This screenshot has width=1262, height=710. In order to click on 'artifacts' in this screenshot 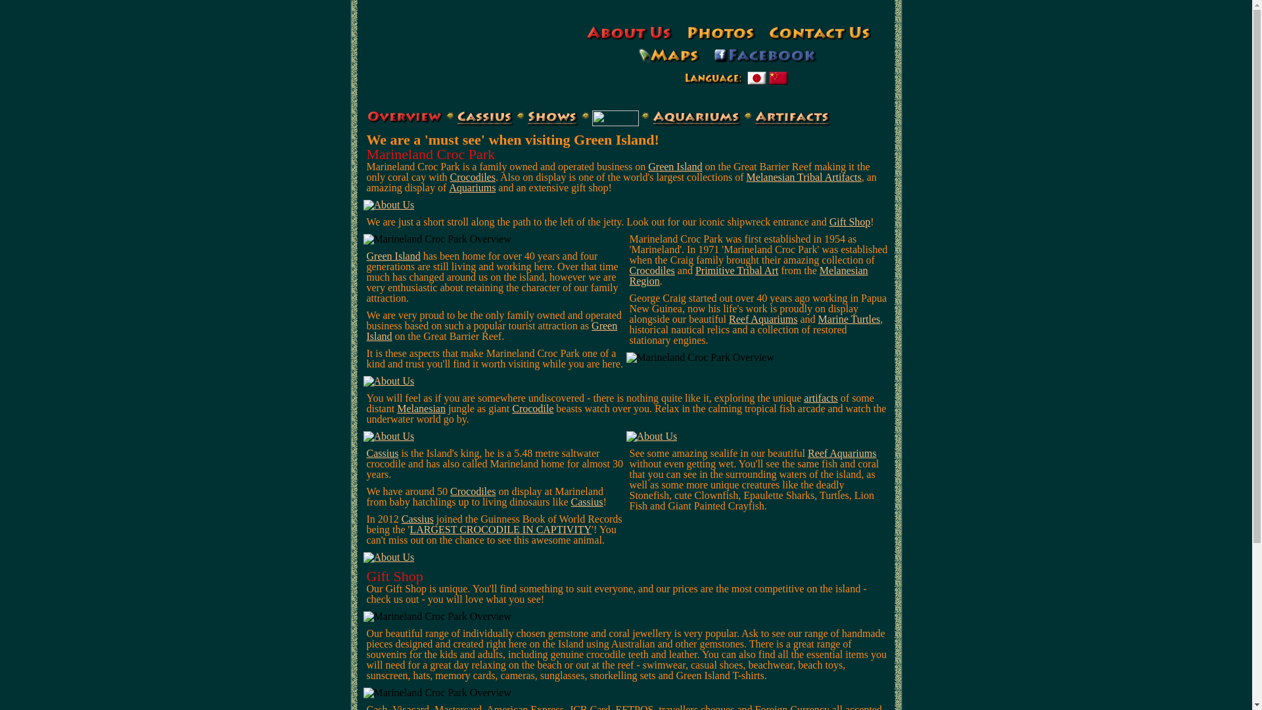, I will do `click(820, 397)`.